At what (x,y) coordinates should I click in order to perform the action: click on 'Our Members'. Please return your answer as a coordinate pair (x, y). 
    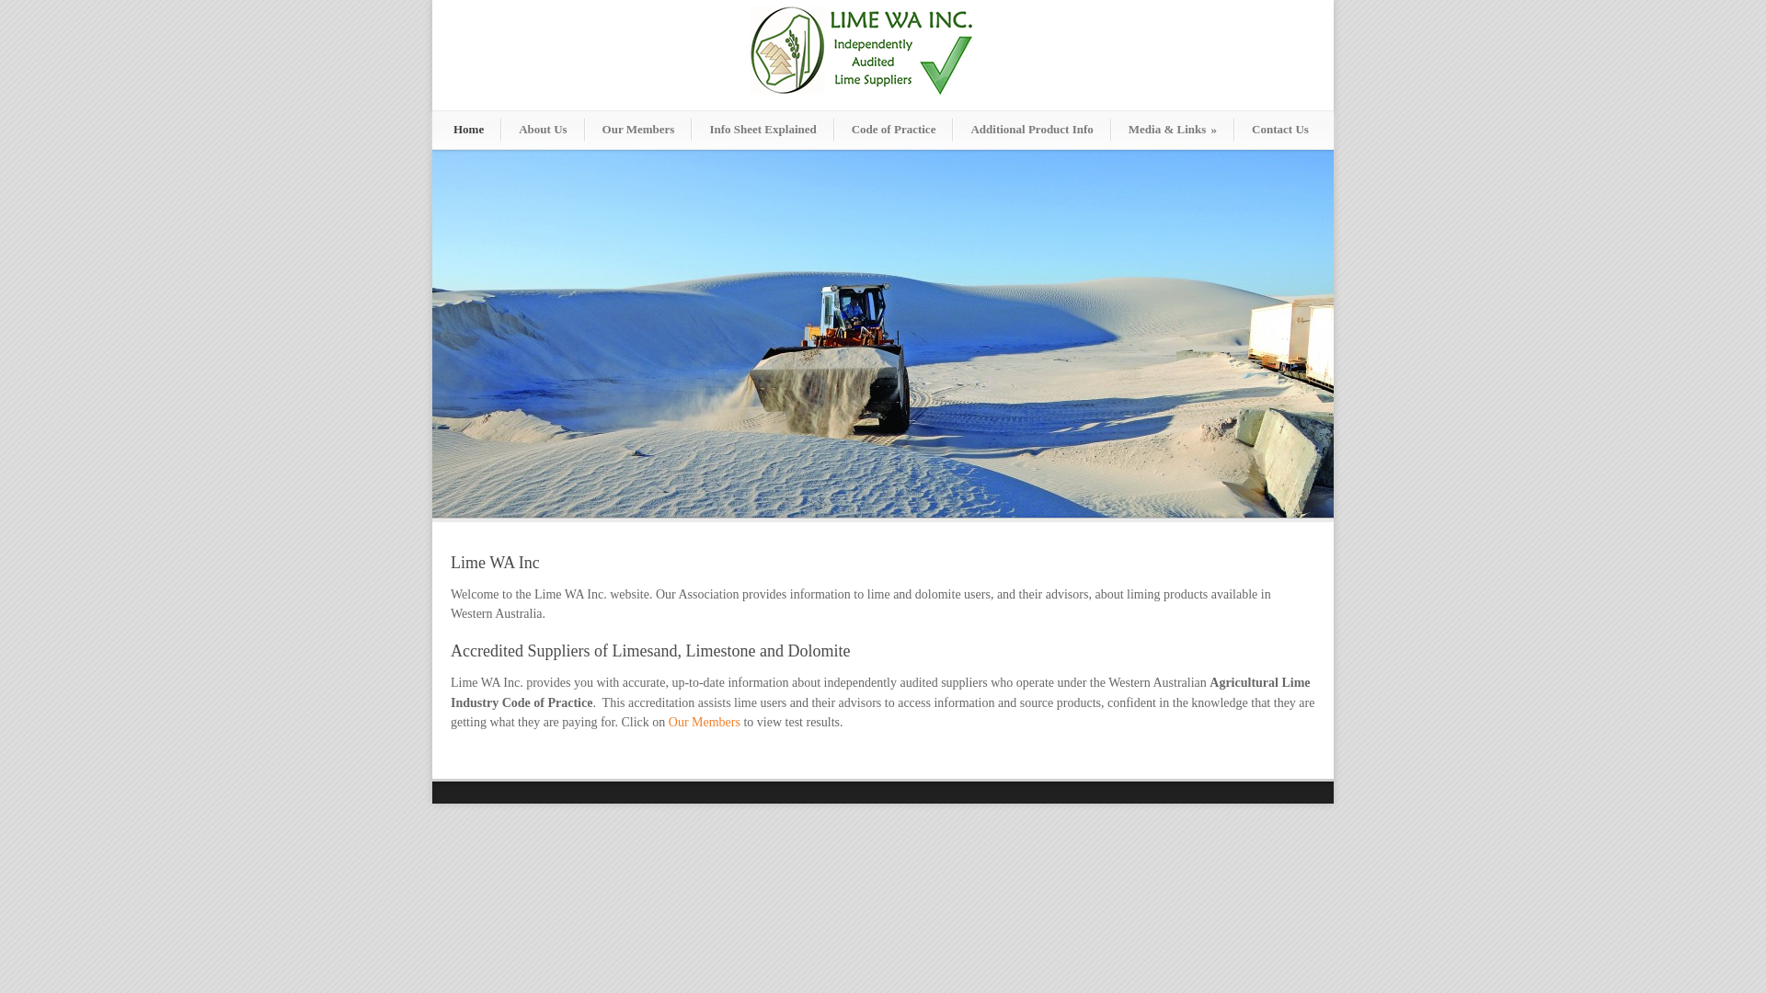
    Looking at the image, I should click on (704, 721).